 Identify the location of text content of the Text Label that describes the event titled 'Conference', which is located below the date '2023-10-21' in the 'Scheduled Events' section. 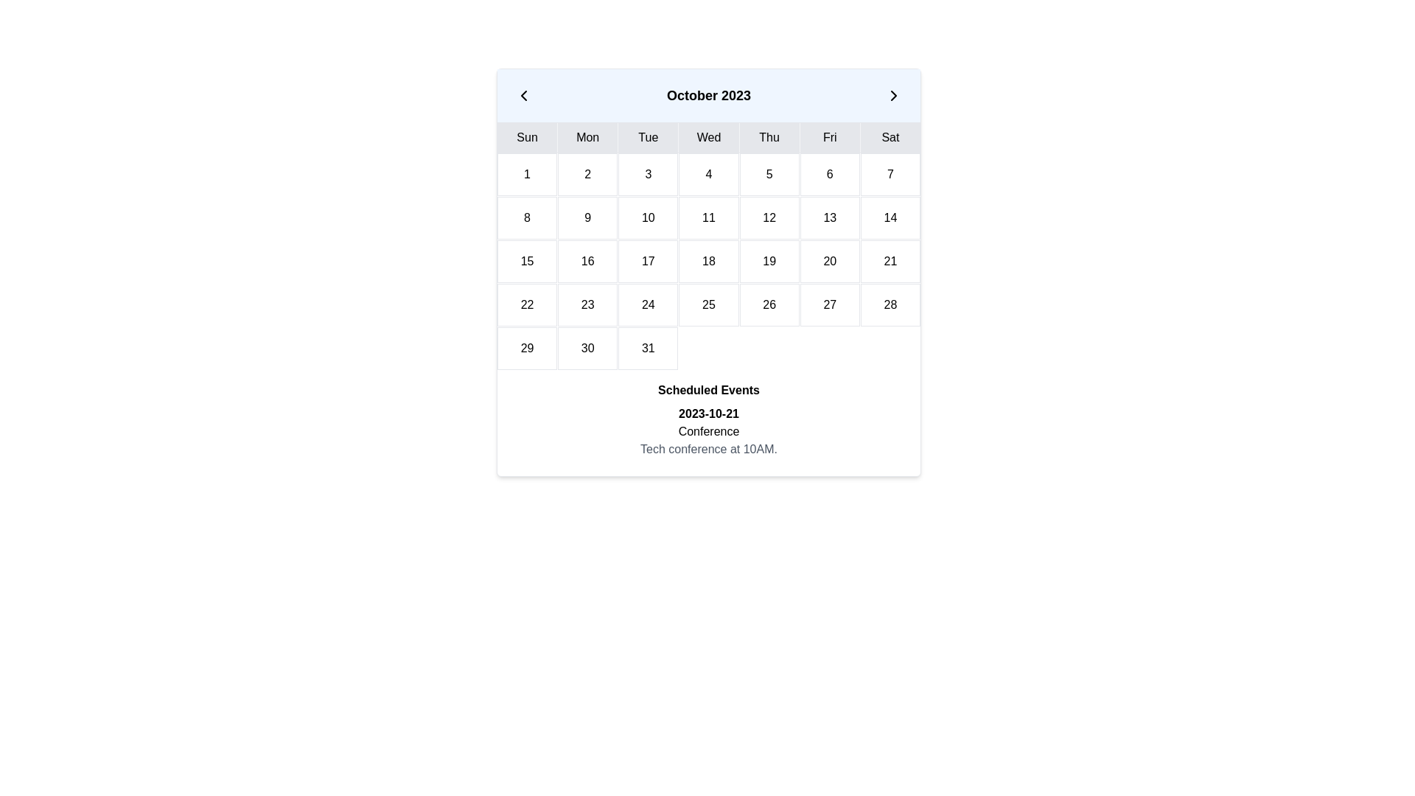
(708, 431).